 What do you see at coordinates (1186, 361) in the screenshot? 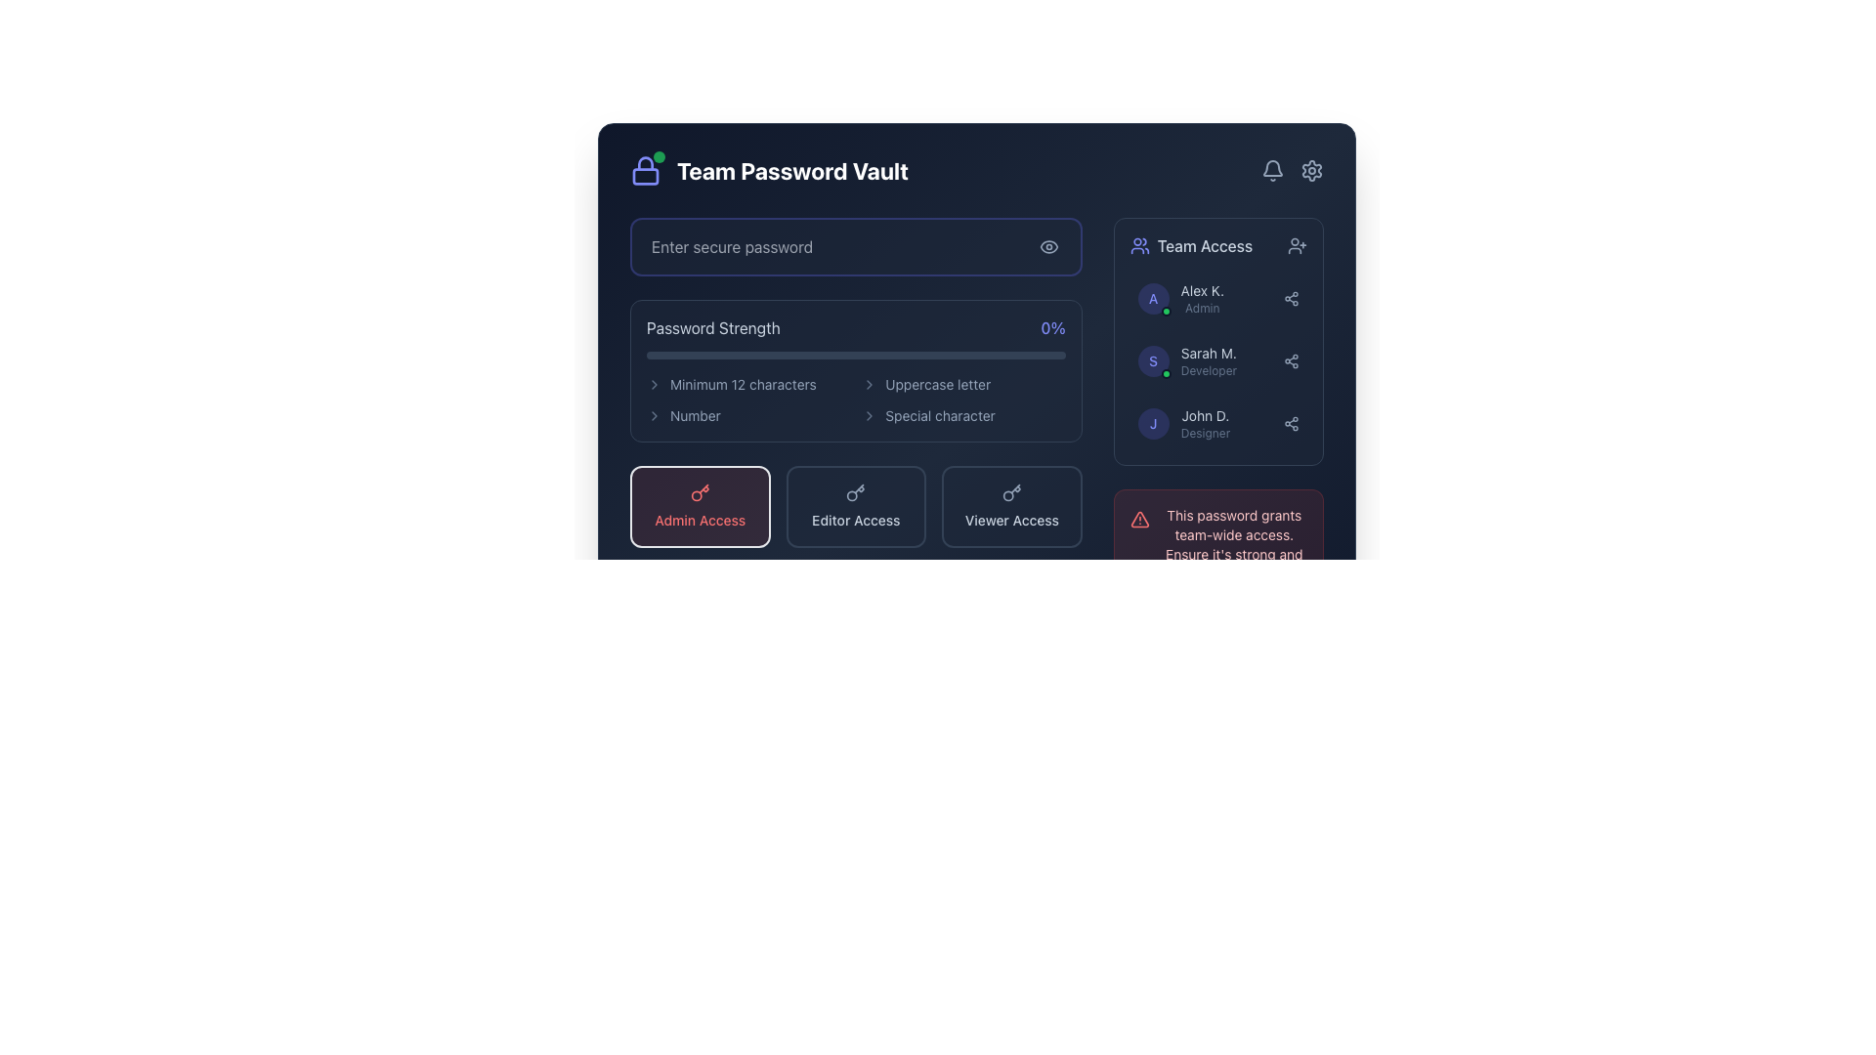
I see `to select the profile card entry for Sarah M., the Developer, which is the second entry in the list of team members` at bounding box center [1186, 361].